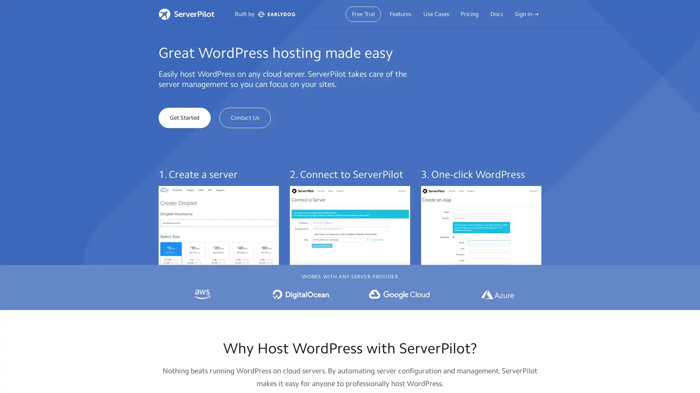 This screenshot has height=393, width=700. What do you see at coordinates (363, 14) in the screenshot?
I see `Free Trial` at bounding box center [363, 14].